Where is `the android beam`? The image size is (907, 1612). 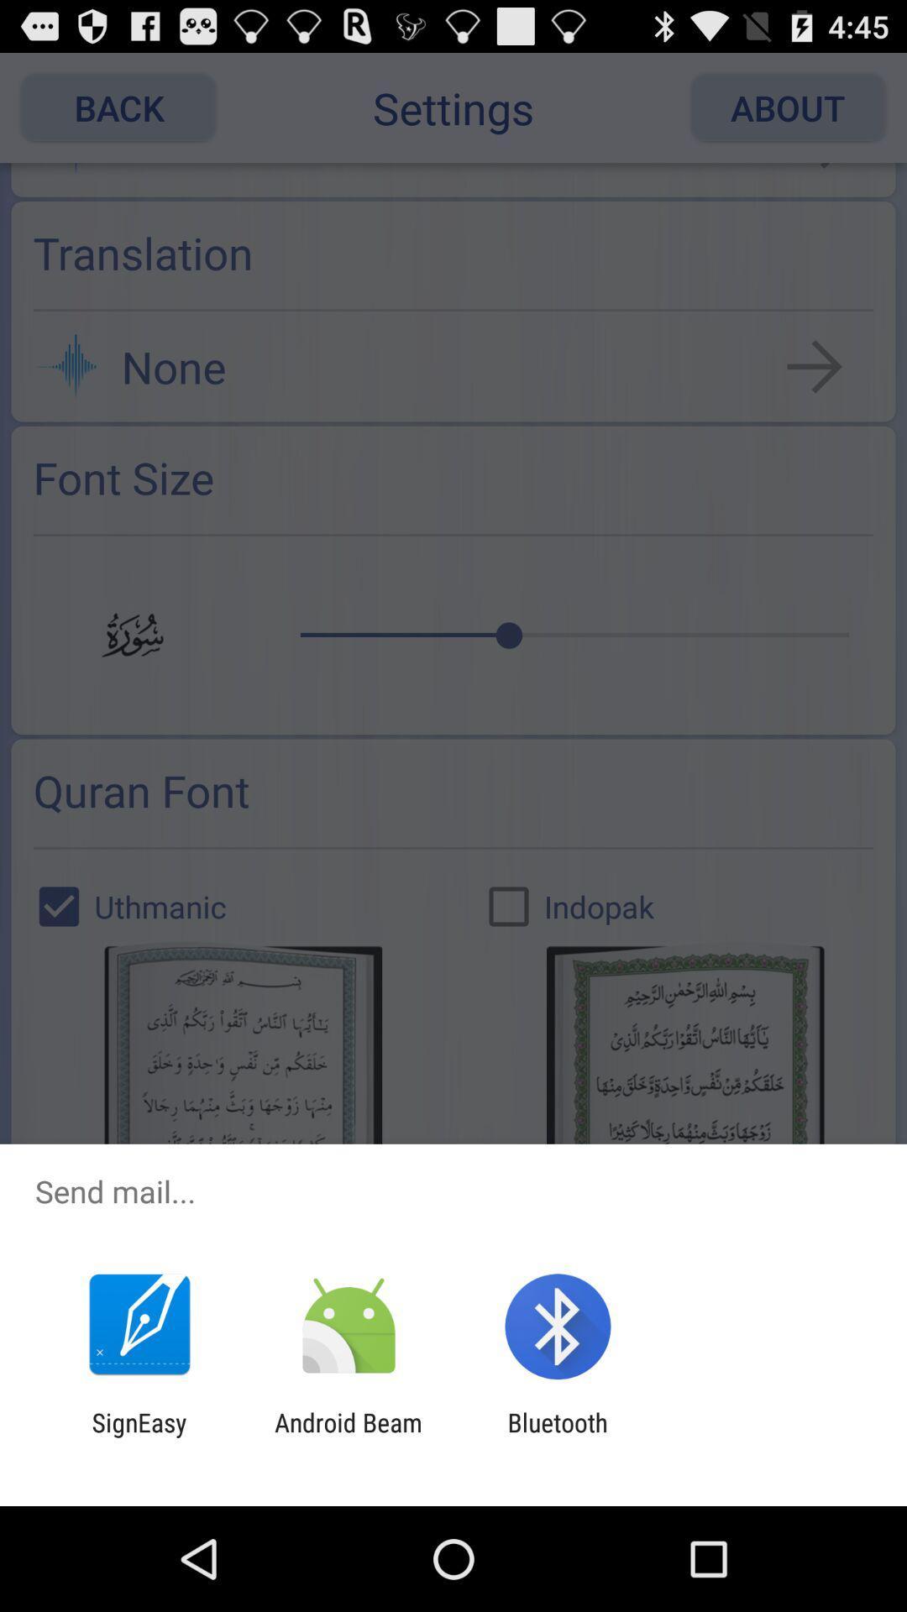 the android beam is located at coordinates (348, 1437).